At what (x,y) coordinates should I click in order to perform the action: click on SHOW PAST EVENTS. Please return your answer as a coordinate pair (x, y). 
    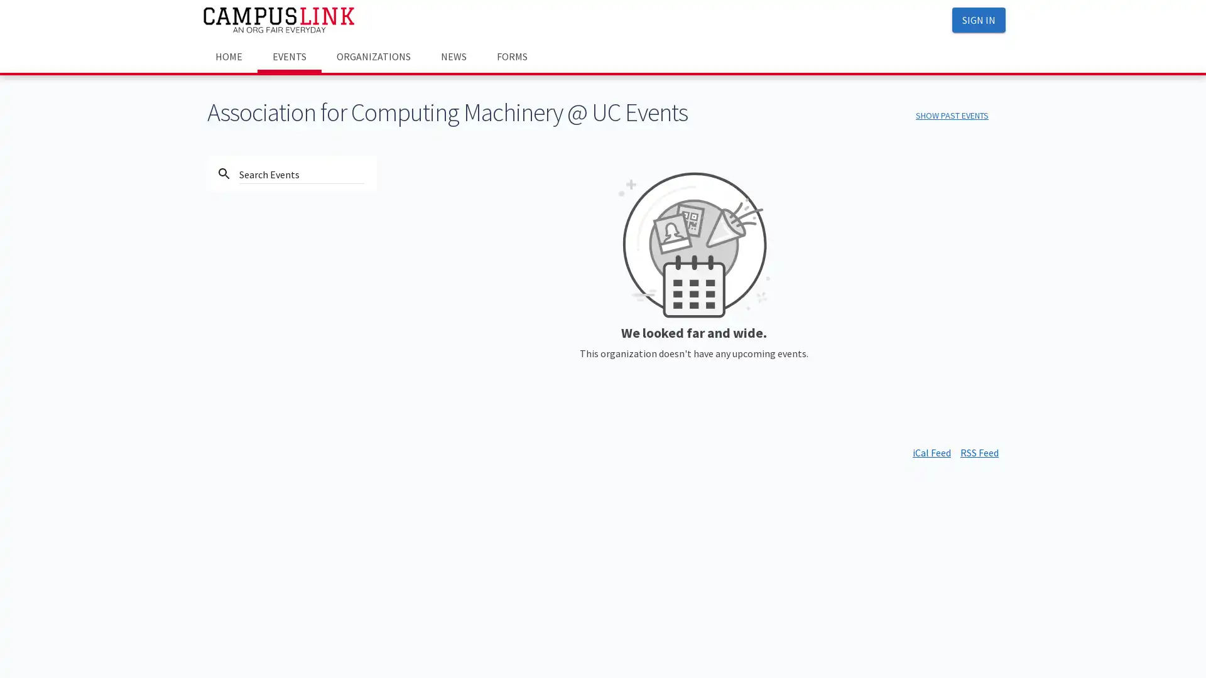
    Looking at the image, I should click on (952, 115).